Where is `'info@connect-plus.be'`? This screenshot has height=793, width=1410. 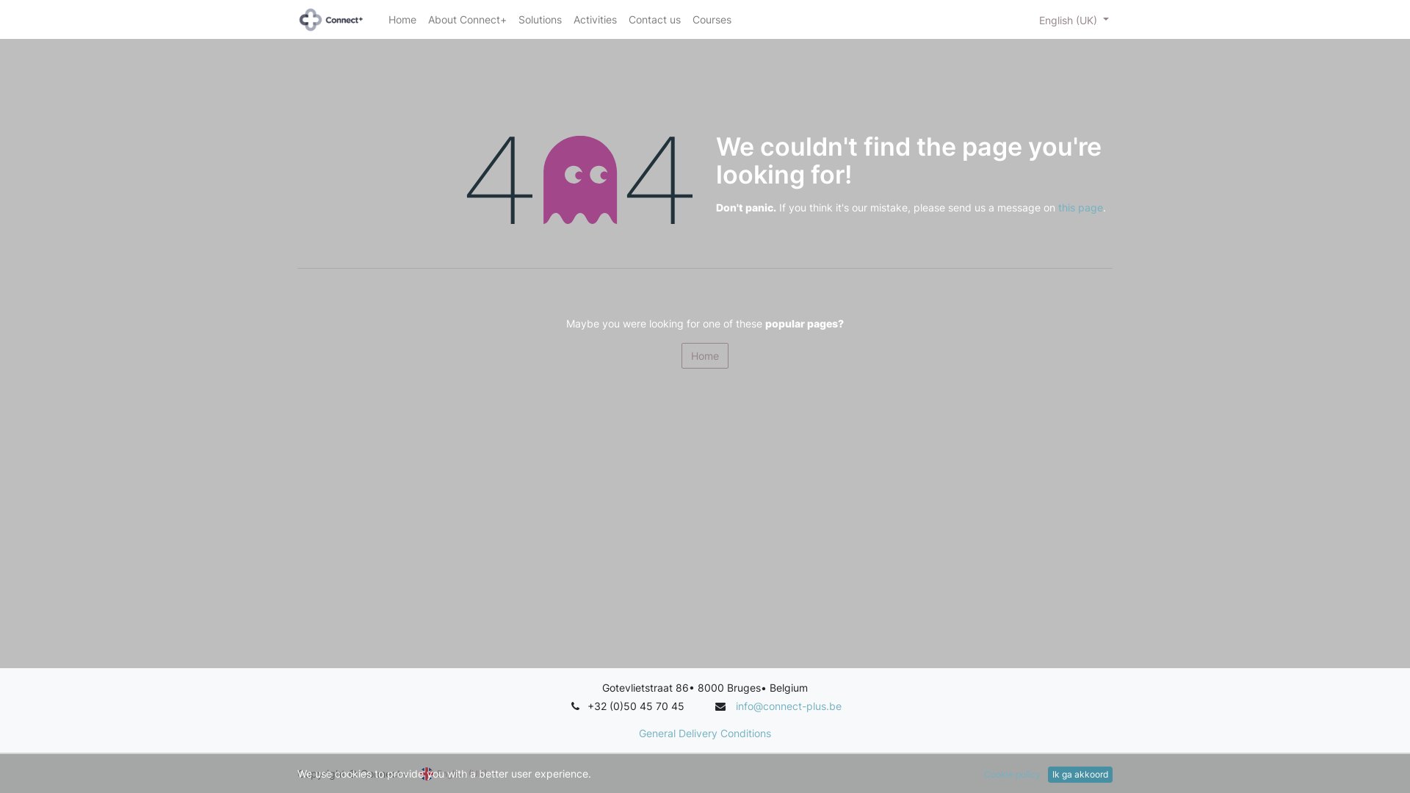 'info@connect-plus.be' is located at coordinates (788, 705).